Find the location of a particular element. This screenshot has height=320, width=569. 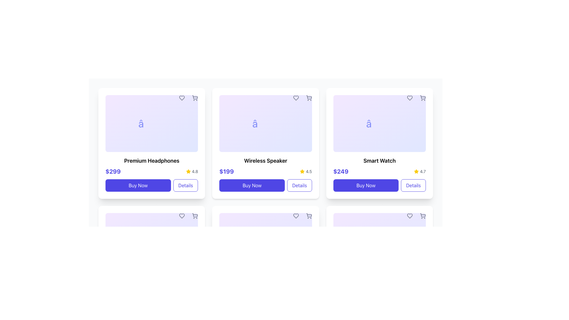

the add to cart button located in the top-right corner of the item card is located at coordinates (195, 216).